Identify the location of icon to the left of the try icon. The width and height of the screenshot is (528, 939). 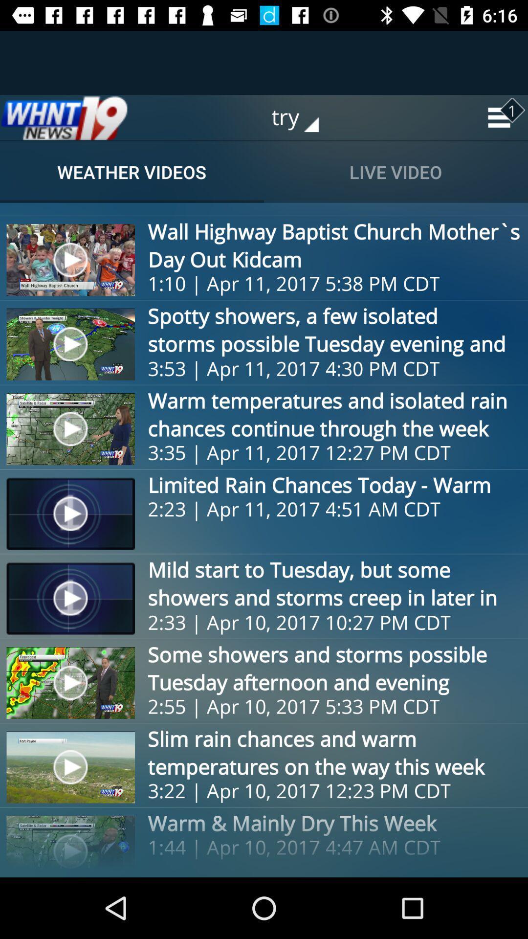
(64, 117).